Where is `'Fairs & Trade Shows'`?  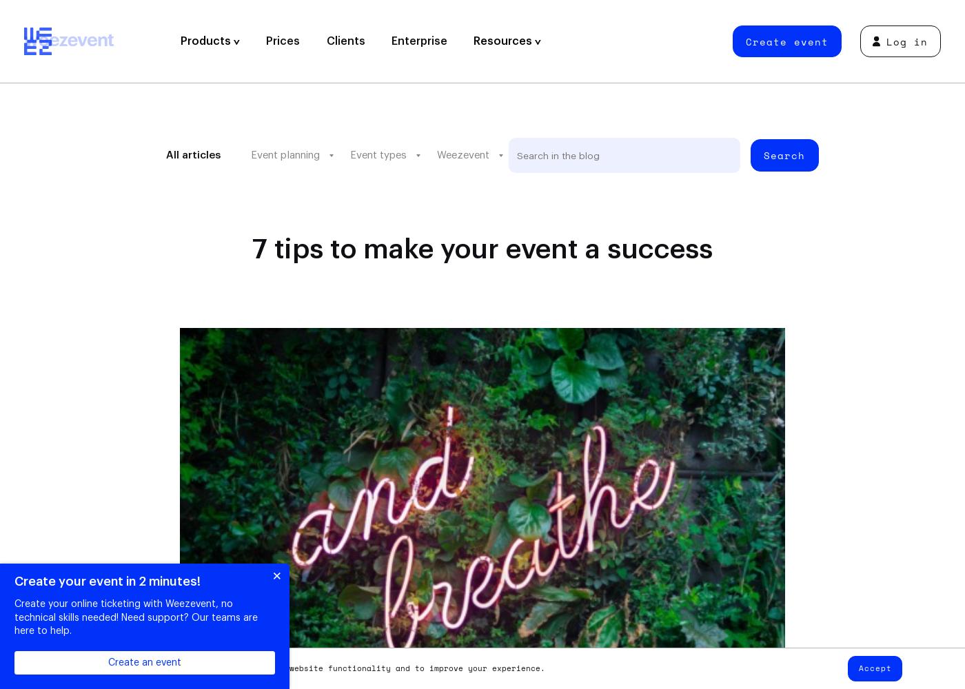
'Fairs & Trade Shows' is located at coordinates (314, 258).